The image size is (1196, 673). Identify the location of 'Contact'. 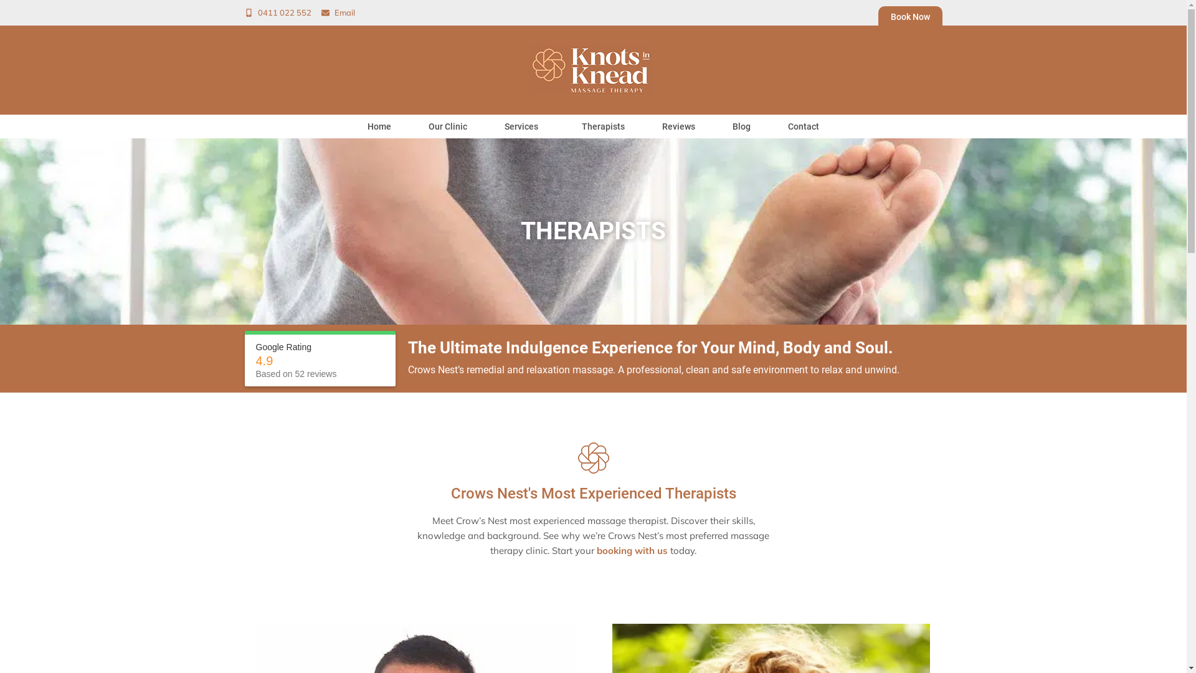
(768, 126).